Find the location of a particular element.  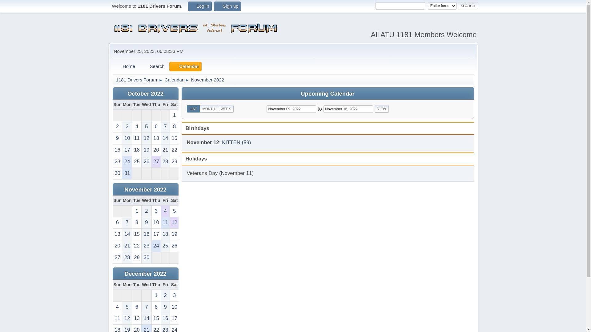

'30' is located at coordinates (141, 258).